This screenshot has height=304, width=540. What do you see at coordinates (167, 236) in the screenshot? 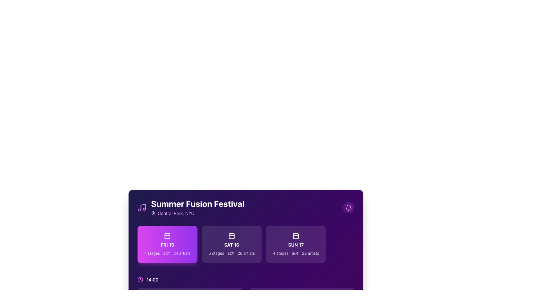
I see `the icon representing the date associated with the event labeled 'FRI 15', which is centrally positioned inside the purple background box` at bounding box center [167, 236].